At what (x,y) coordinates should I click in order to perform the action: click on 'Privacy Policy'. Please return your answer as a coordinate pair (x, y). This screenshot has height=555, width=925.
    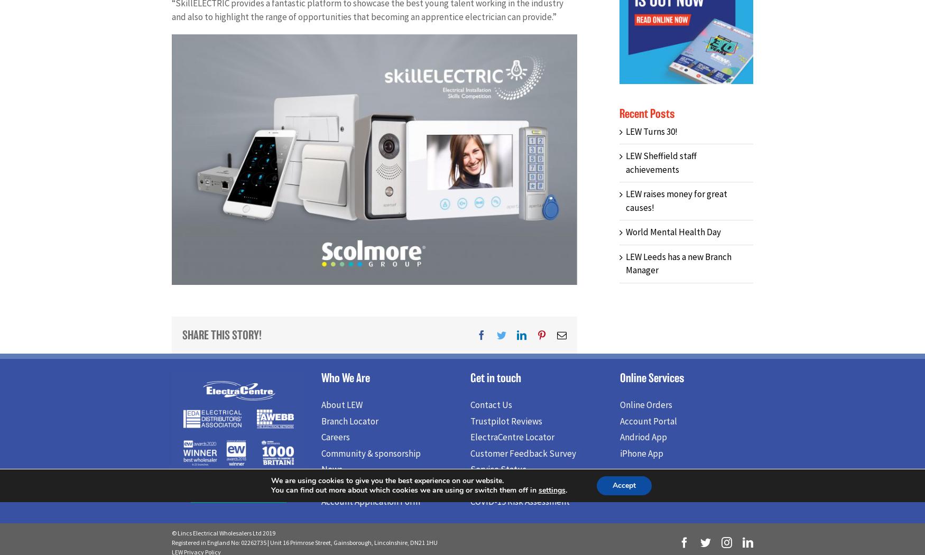
    Looking at the image, I should click on (496, 488).